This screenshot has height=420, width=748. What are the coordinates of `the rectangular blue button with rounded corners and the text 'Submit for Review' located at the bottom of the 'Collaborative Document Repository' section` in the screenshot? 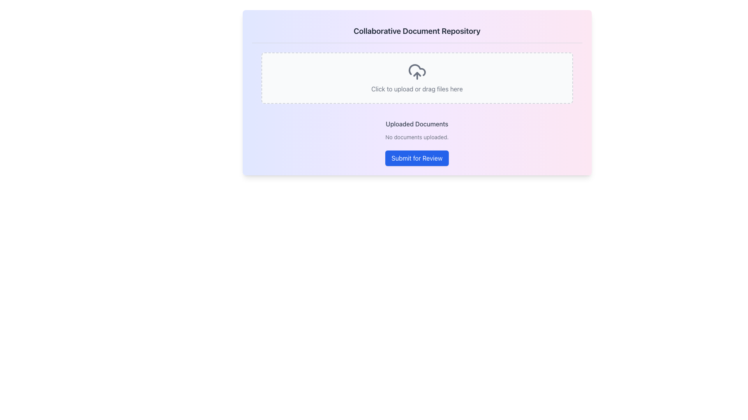 It's located at (416, 158).